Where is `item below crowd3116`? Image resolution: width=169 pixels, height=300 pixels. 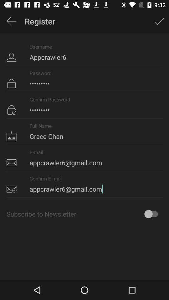 item below crowd3116 is located at coordinates (84, 132).